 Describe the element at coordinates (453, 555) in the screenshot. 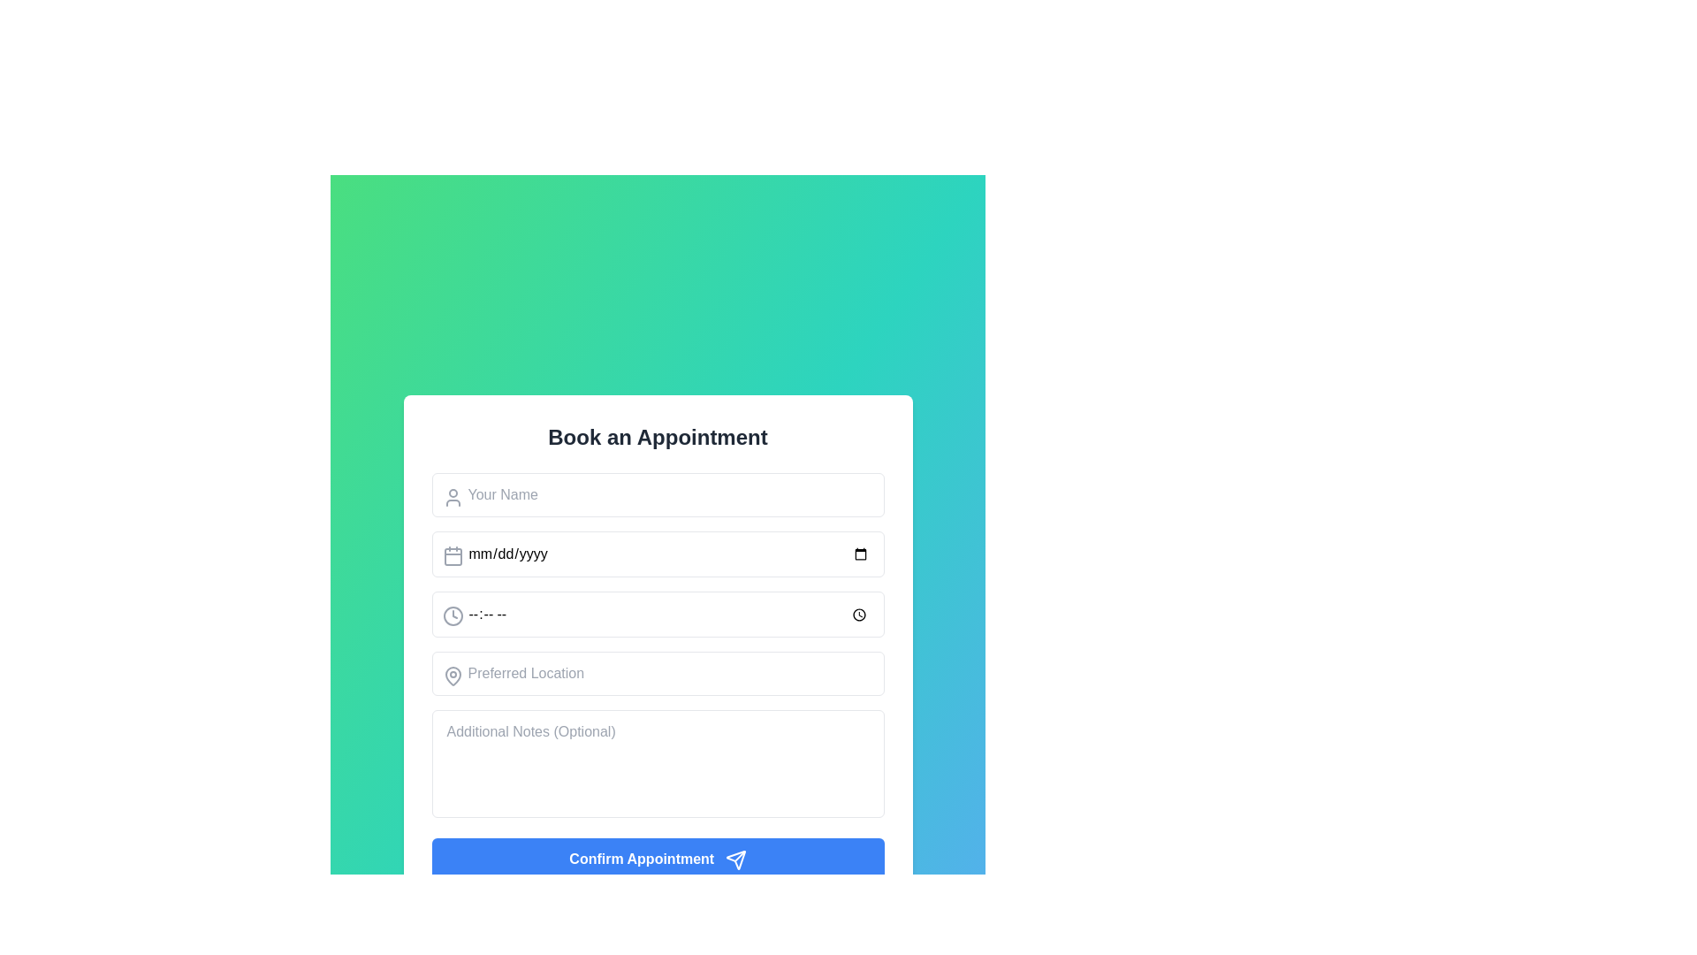

I see `the calendar icon, which is a light gray icon with a square outline and two vertical lines at the top` at that location.